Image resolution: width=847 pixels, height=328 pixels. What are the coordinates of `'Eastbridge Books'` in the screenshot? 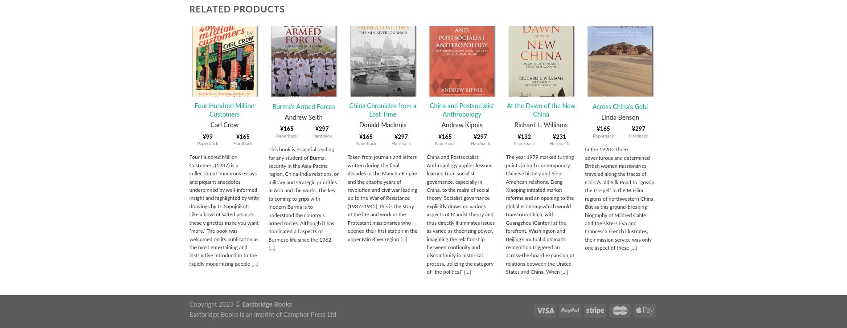 It's located at (242, 304).